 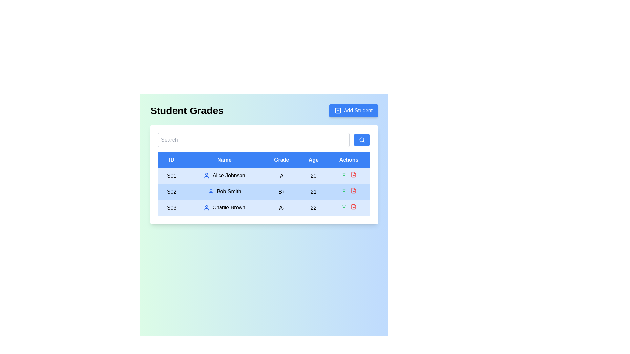 What do you see at coordinates (362, 140) in the screenshot?
I see `the search icon located within the blue button` at bounding box center [362, 140].